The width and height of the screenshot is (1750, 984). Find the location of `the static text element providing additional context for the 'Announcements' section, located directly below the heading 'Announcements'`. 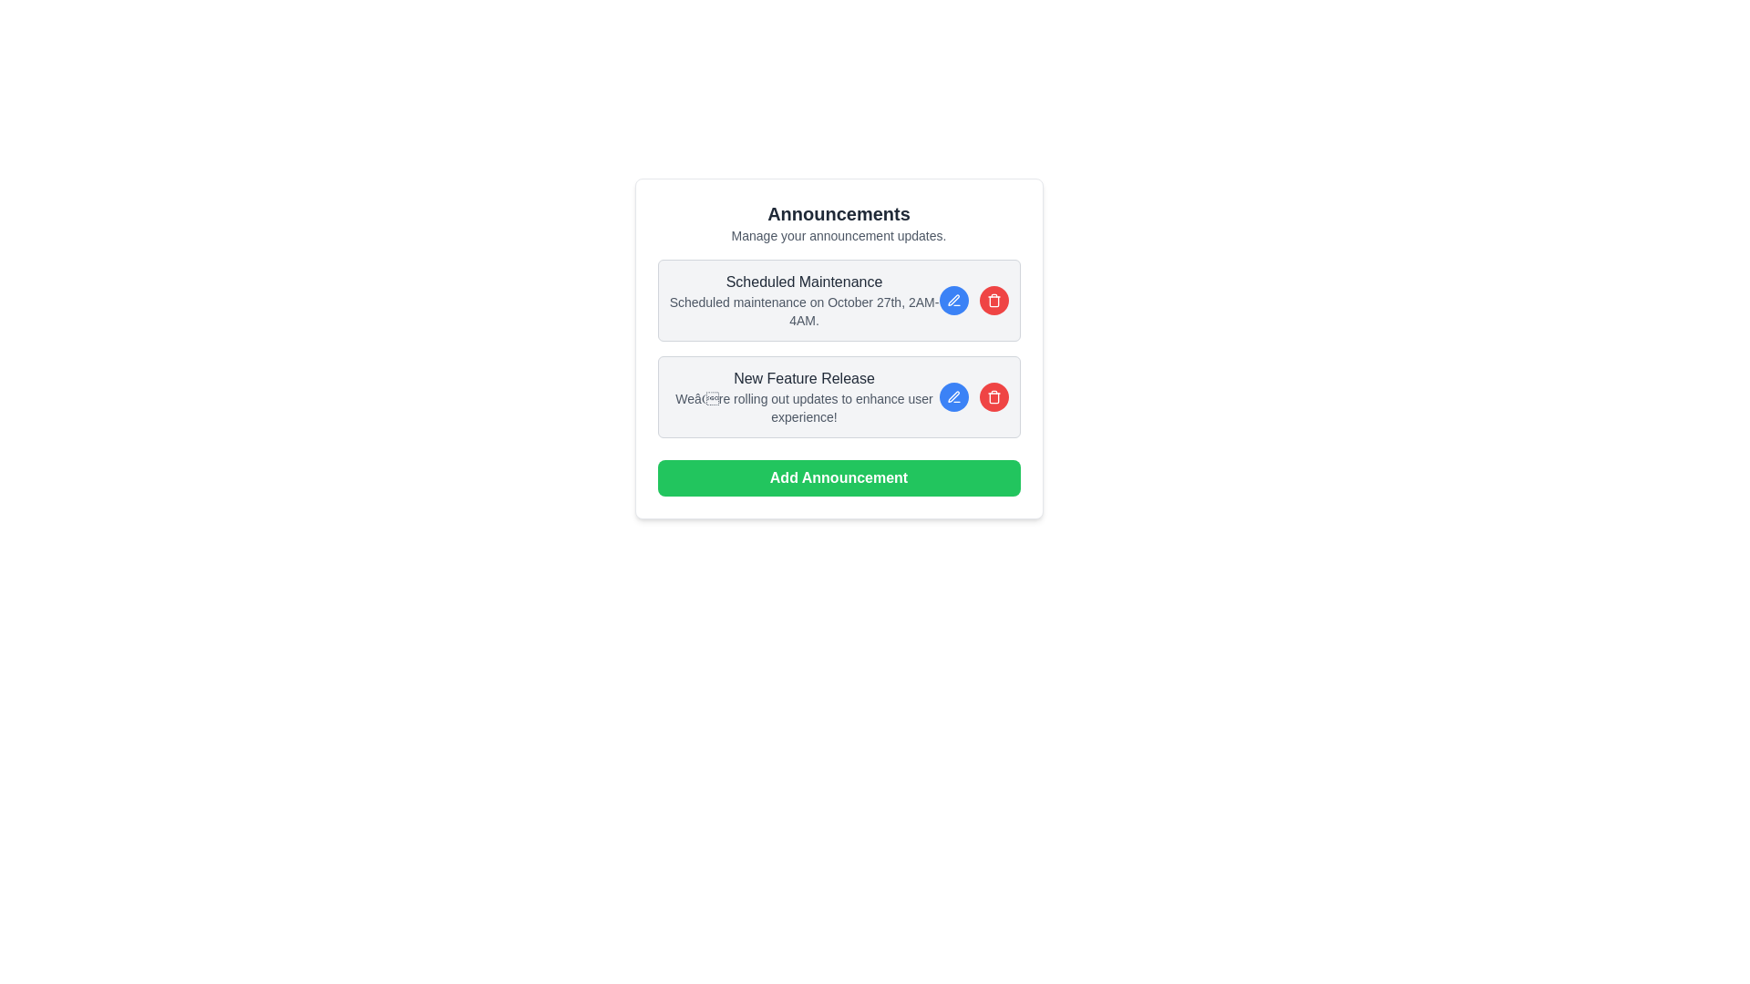

the static text element providing additional context for the 'Announcements' section, located directly below the heading 'Announcements' is located at coordinates (838, 234).